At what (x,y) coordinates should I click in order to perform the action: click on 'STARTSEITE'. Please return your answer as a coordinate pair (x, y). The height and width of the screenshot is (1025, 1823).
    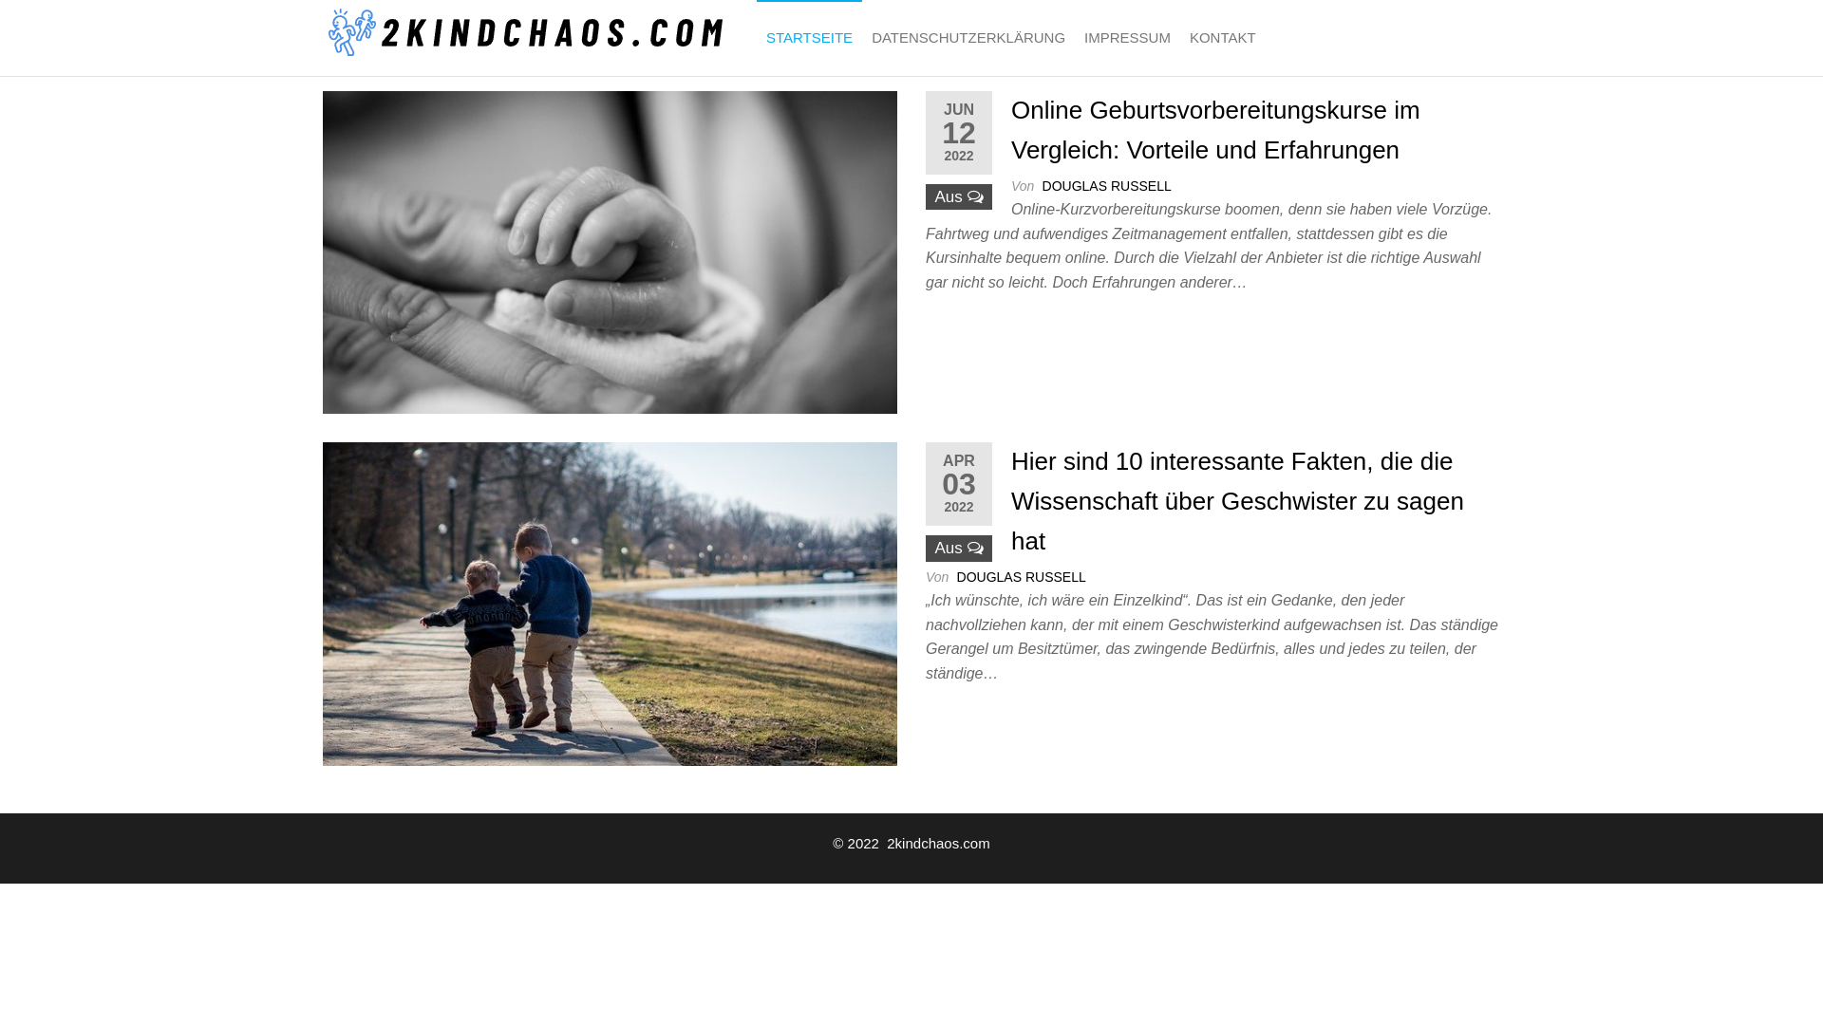
    Looking at the image, I should click on (809, 37).